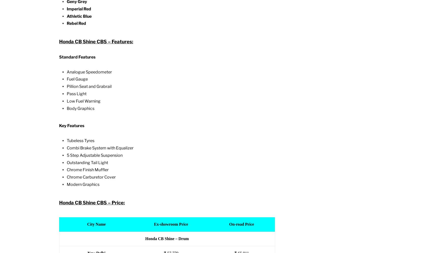 This screenshot has height=253, width=448. What do you see at coordinates (145, 239) in the screenshot?
I see `'Honda CB Shine – Drum'` at bounding box center [145, 239].